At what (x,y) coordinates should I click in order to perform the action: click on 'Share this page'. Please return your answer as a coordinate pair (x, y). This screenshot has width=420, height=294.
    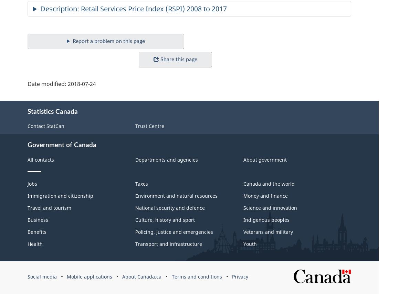
    Looking at the image, I should click on (178, 59).